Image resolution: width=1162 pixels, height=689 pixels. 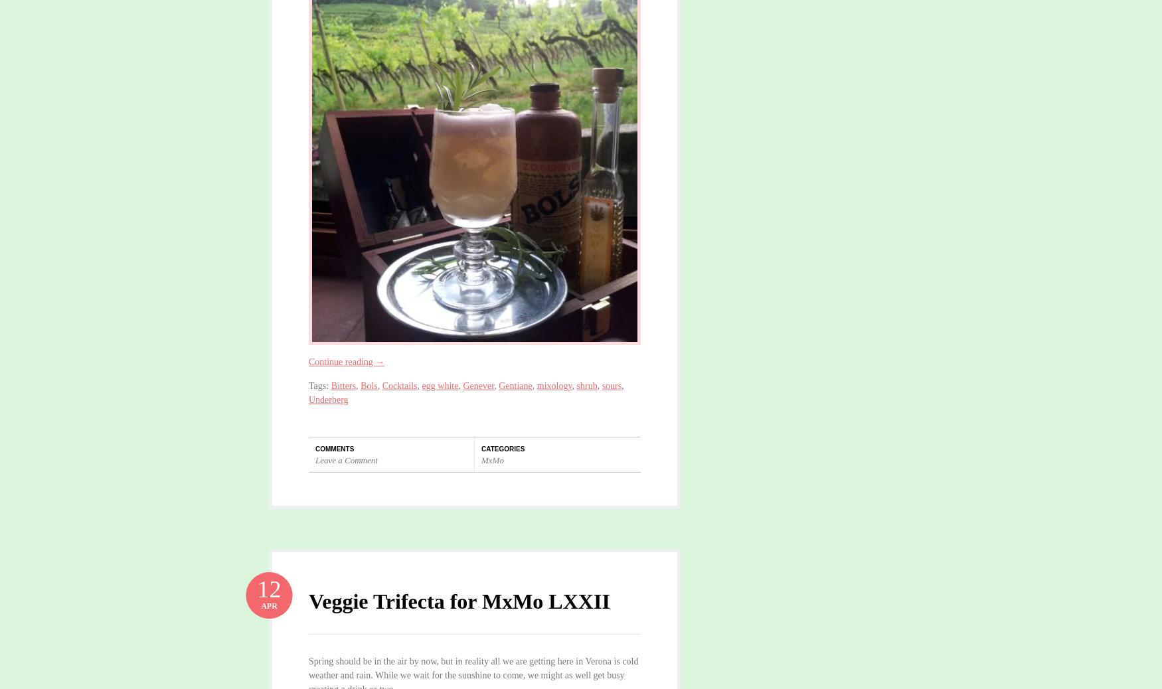 What do you see at coordinates (382, 384) in the screenshot?
I see `'Cocktails'` at bounding box center [382, 384].